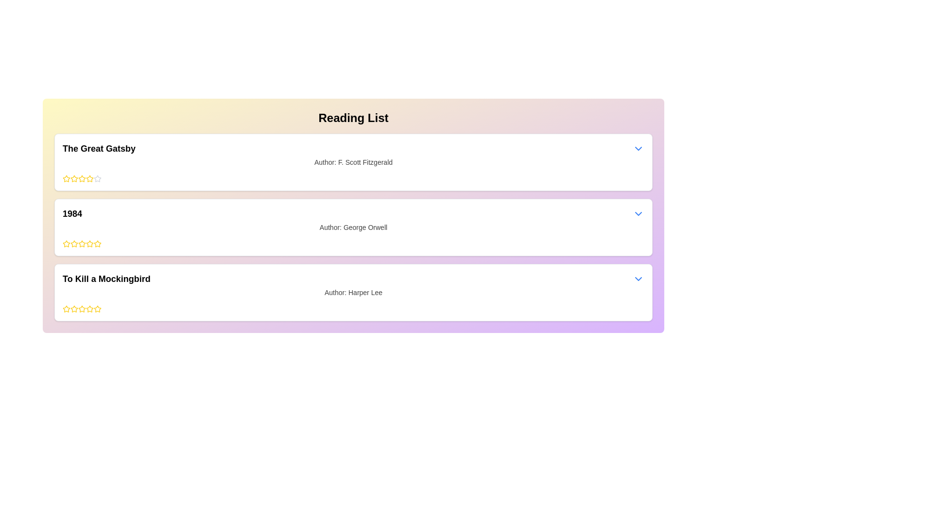 The height and width of the screenshot is (525, 933). Describe the element at coordinates (90, 309) in the screenshot. I see `the second star in the five-star rating scale below the 'To Kill a Mockingbird' header` at that location.